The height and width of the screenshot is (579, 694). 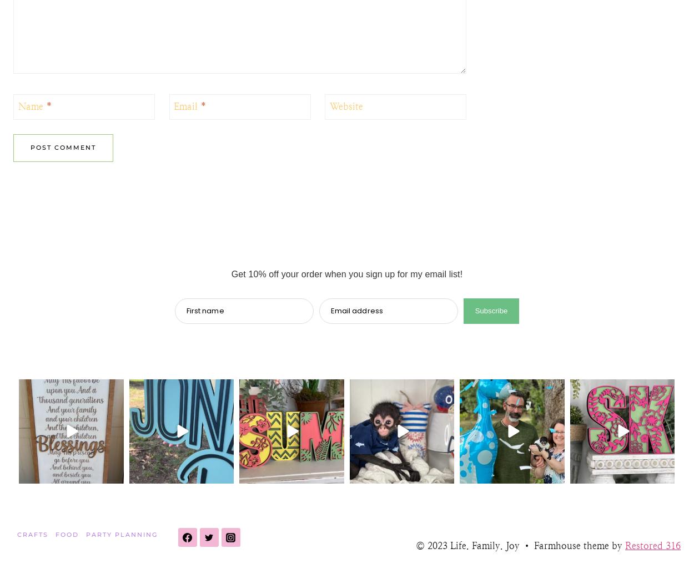 What do you see at coordinates (204, 309) in the screenshot?
I see `'First name'` at bounding box center [204, 309].